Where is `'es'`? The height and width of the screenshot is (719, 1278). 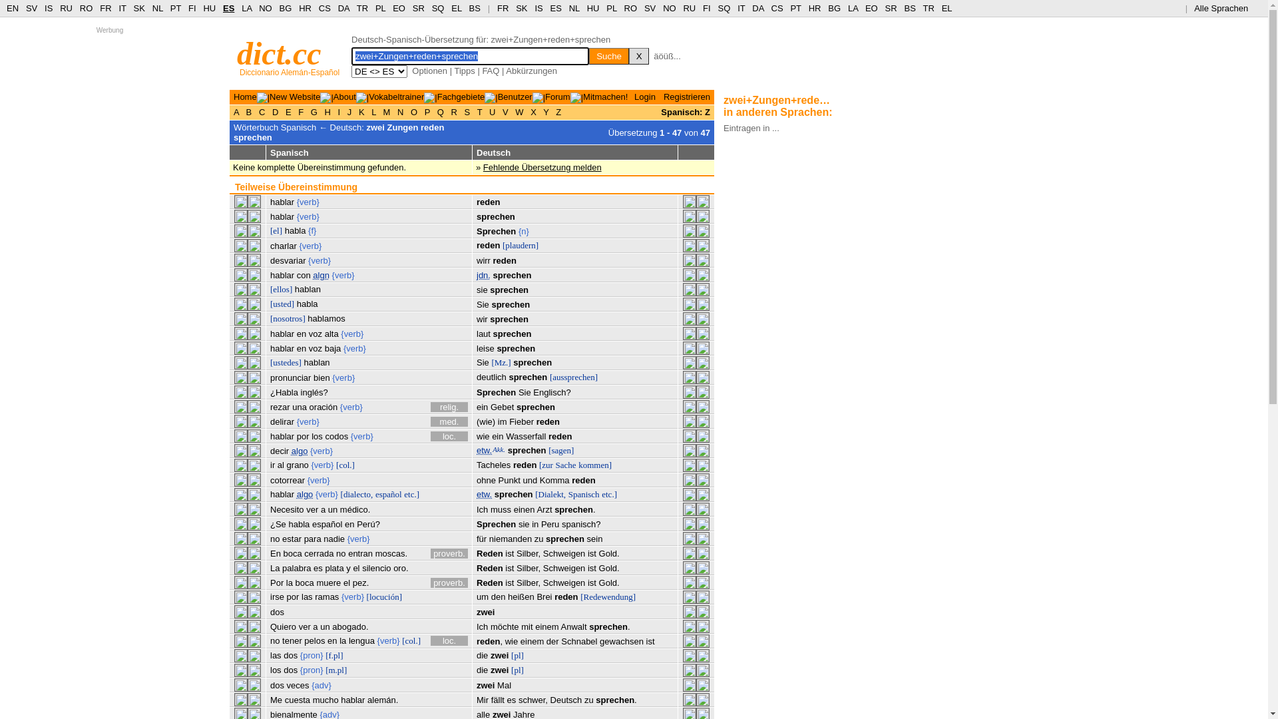 'es' is located at coordinates (312, 568).